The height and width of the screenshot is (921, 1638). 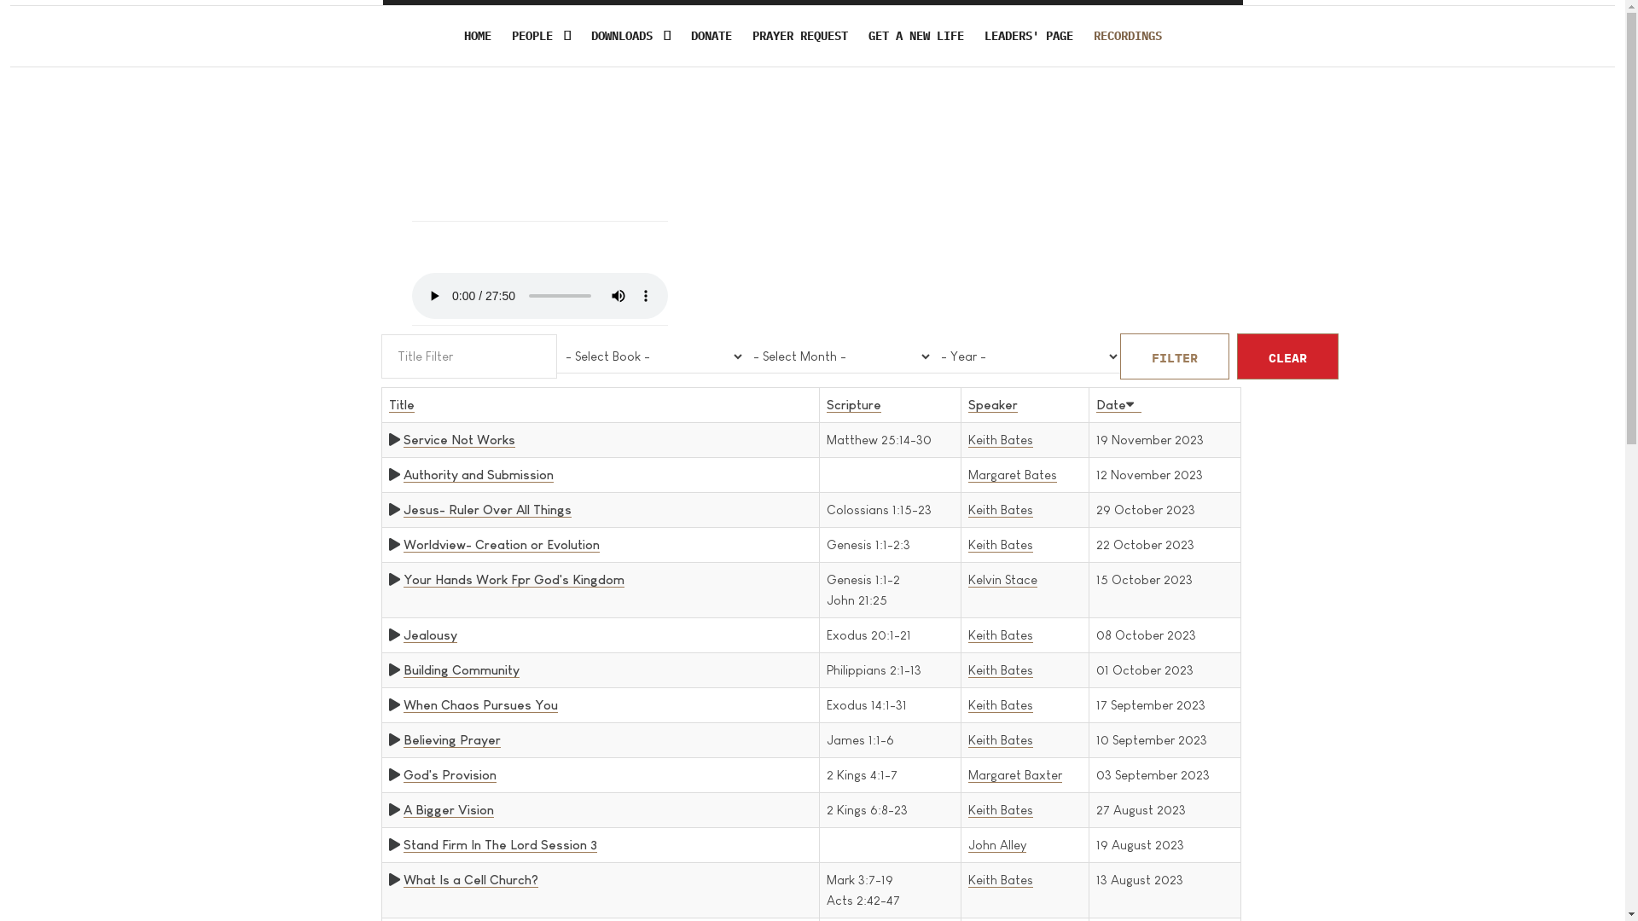 What do you see at coordinates (854, 404) in the screenshot?
I see `'Scripture'` at bounding box center [854, 404].